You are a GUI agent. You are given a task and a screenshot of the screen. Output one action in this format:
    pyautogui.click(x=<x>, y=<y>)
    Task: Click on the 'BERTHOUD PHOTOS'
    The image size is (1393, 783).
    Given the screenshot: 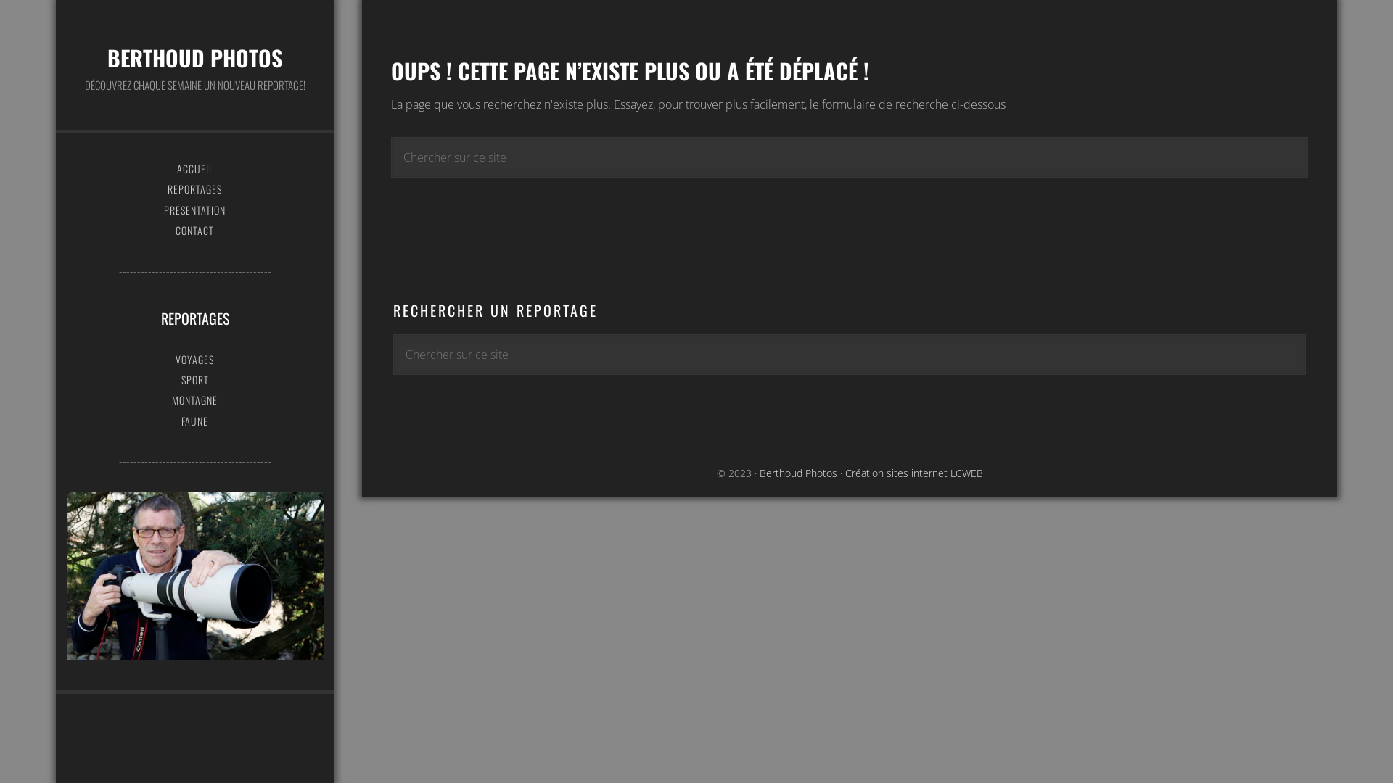 What is the action you would take?
    pyautogui.click(x=107, y=57)
    